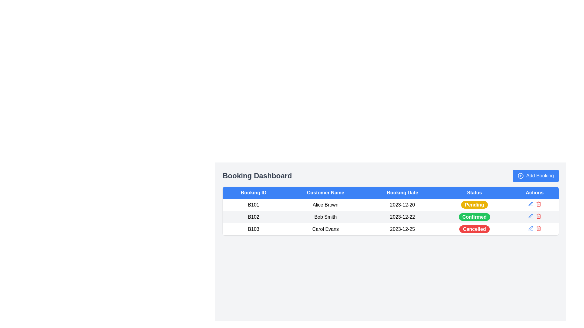 Image resolution: width=584 pixels, height=328 pixels. I want to click on the delete icon in the Action button group for the booking entry 'B102' with customer name 'Bob Smith', so click(534, 216).